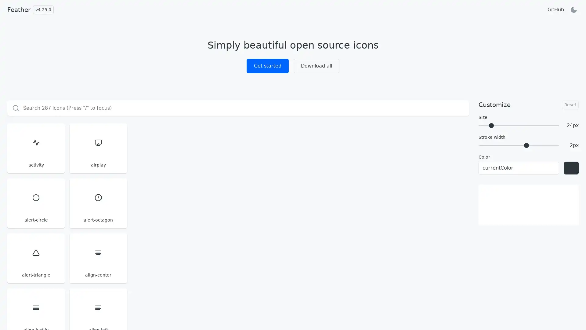  I want to click on aperture, so click(82, 203).